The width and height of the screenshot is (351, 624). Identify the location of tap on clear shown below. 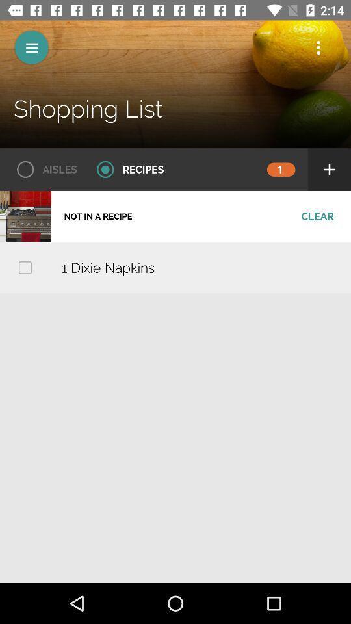
(317, 216).